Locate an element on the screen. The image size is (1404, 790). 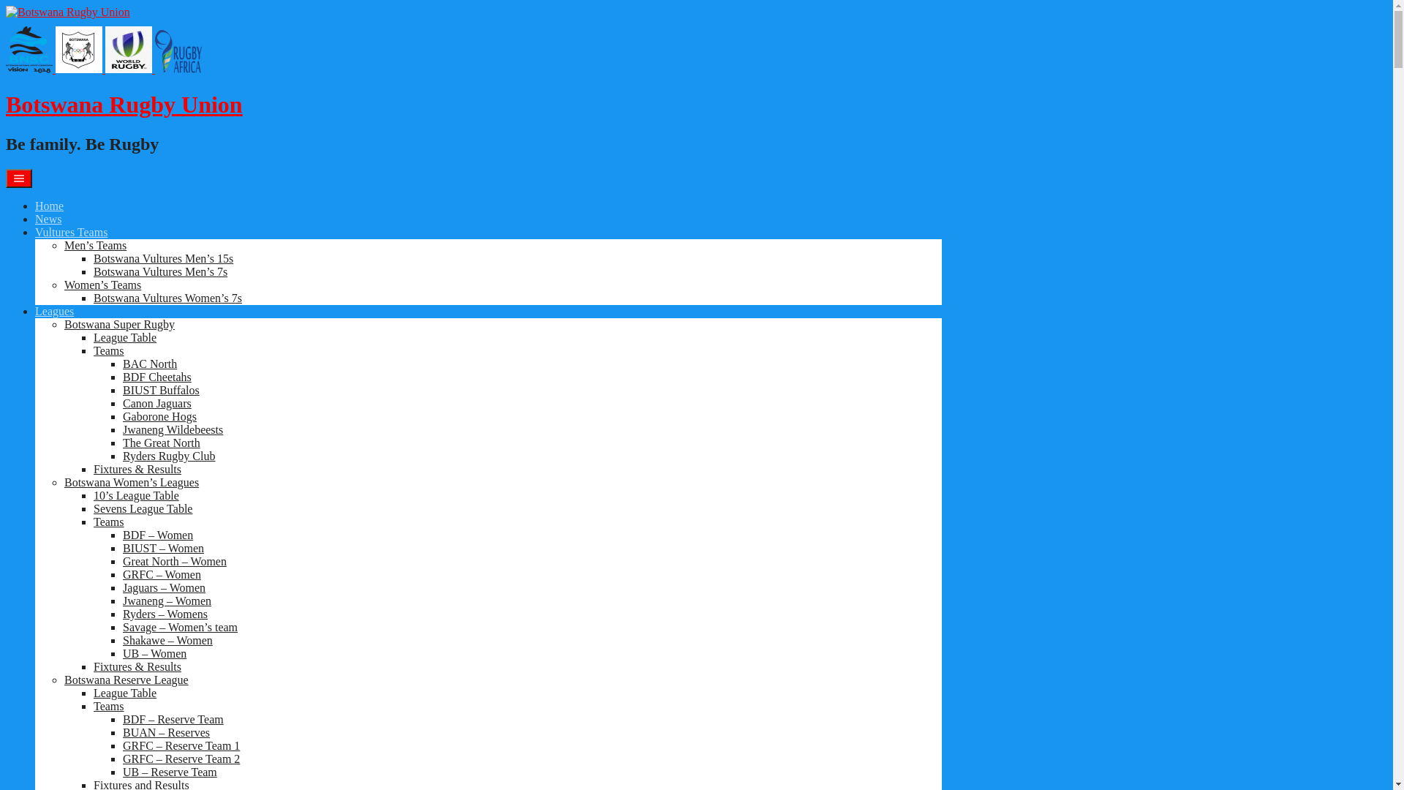
'BDF Cheetahs' is located at coordinates (157, 376).